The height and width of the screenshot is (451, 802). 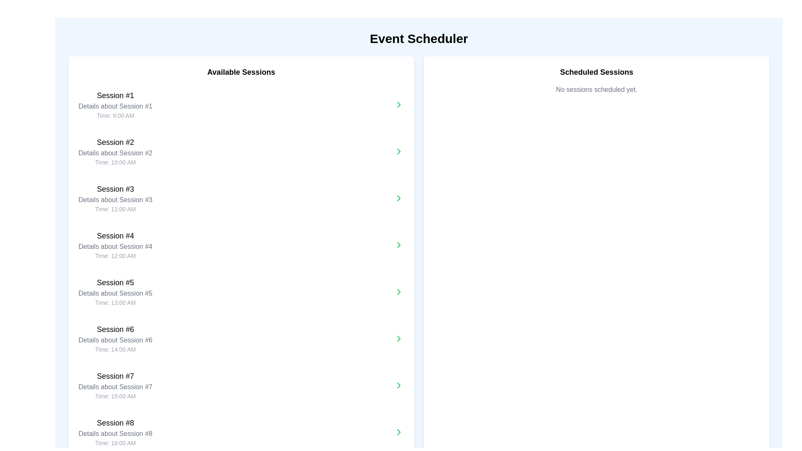 I want to click on the fourth chevron icon pointing right, located to the right of 'Session #4' in the 'Available Sessions' section, so click(x=398, y=244).